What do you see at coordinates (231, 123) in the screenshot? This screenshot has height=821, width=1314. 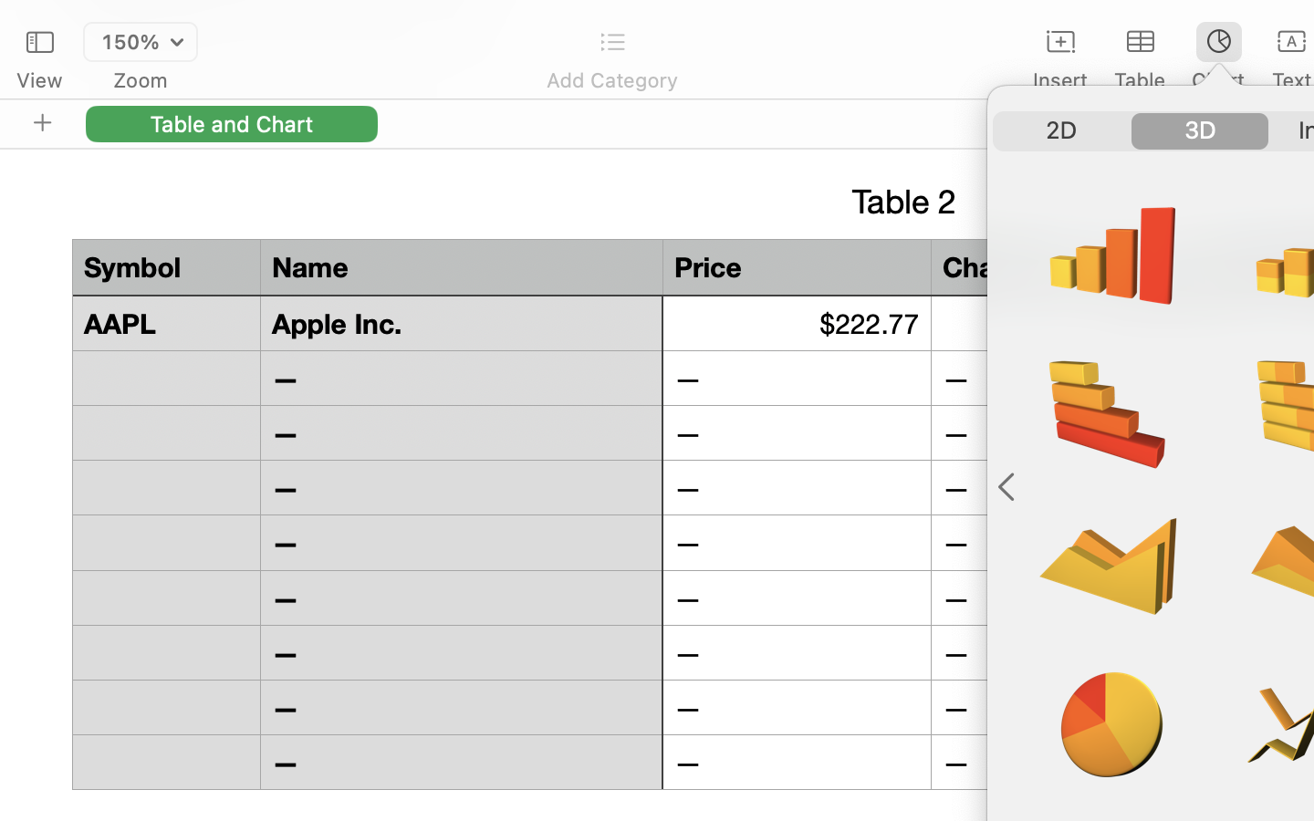 I see `'Table and Chart'` at bounding box center [231, 123].